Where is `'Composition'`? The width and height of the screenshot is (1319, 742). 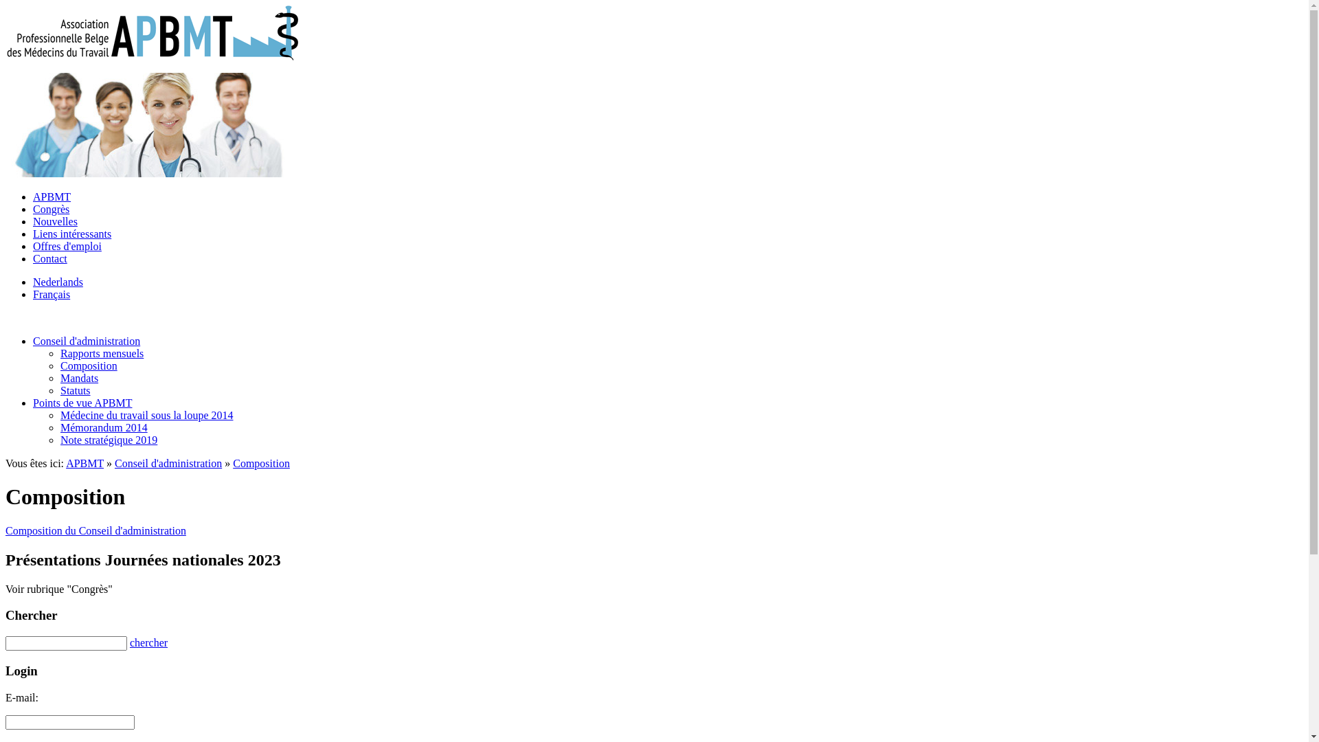
'Composition' is located at coordinates (88, 365).